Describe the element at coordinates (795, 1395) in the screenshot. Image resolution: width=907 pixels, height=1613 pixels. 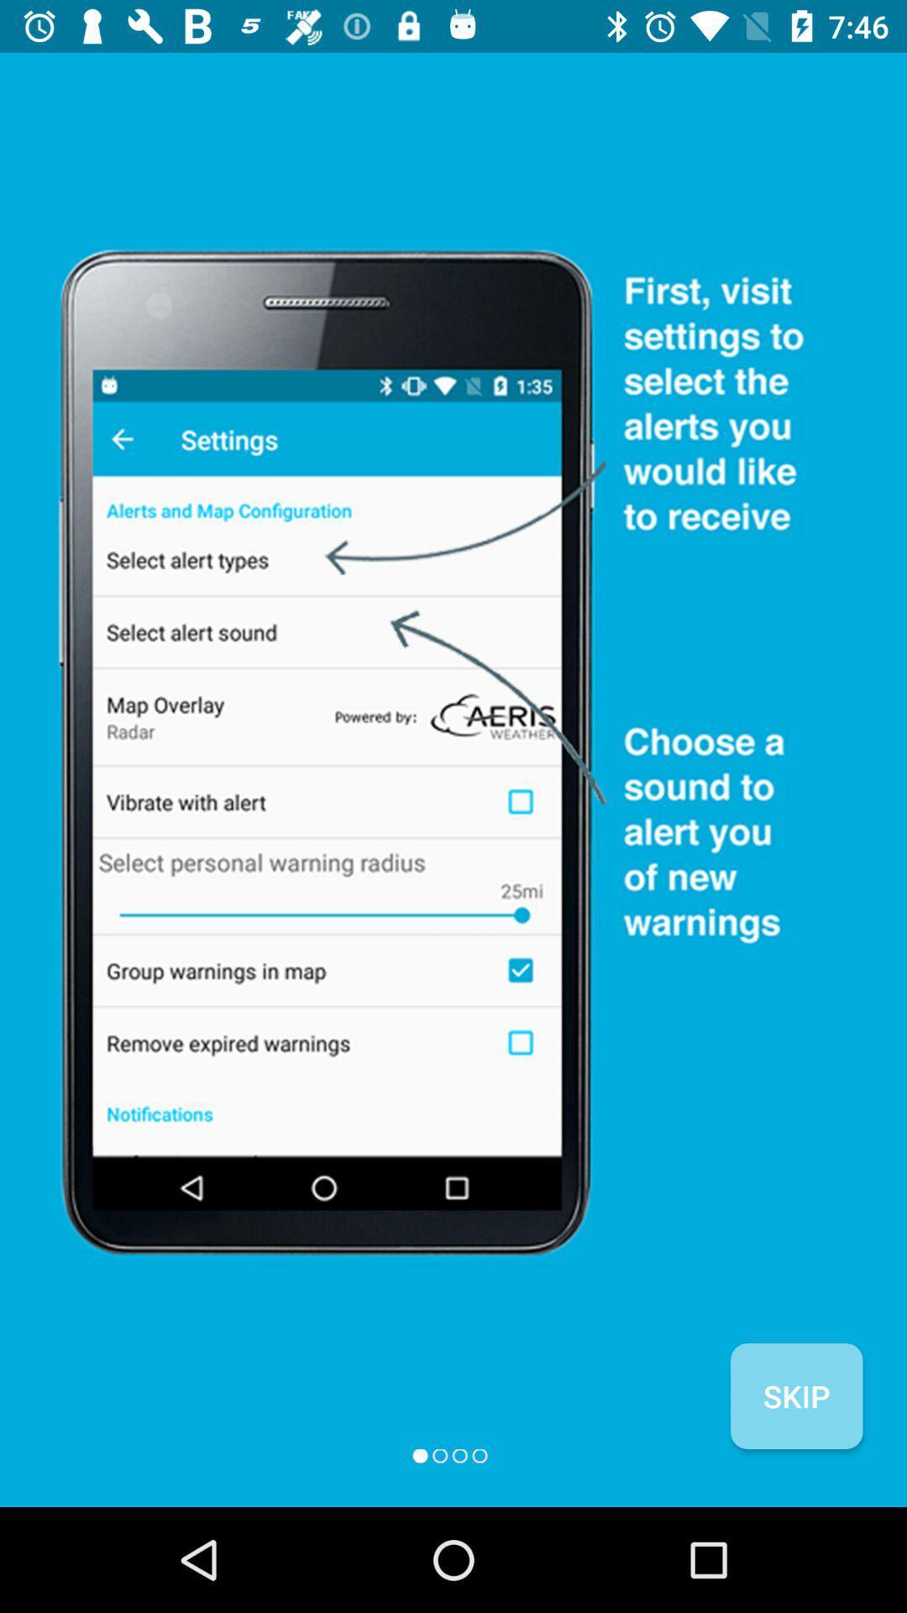
I see `the skip` at that location.